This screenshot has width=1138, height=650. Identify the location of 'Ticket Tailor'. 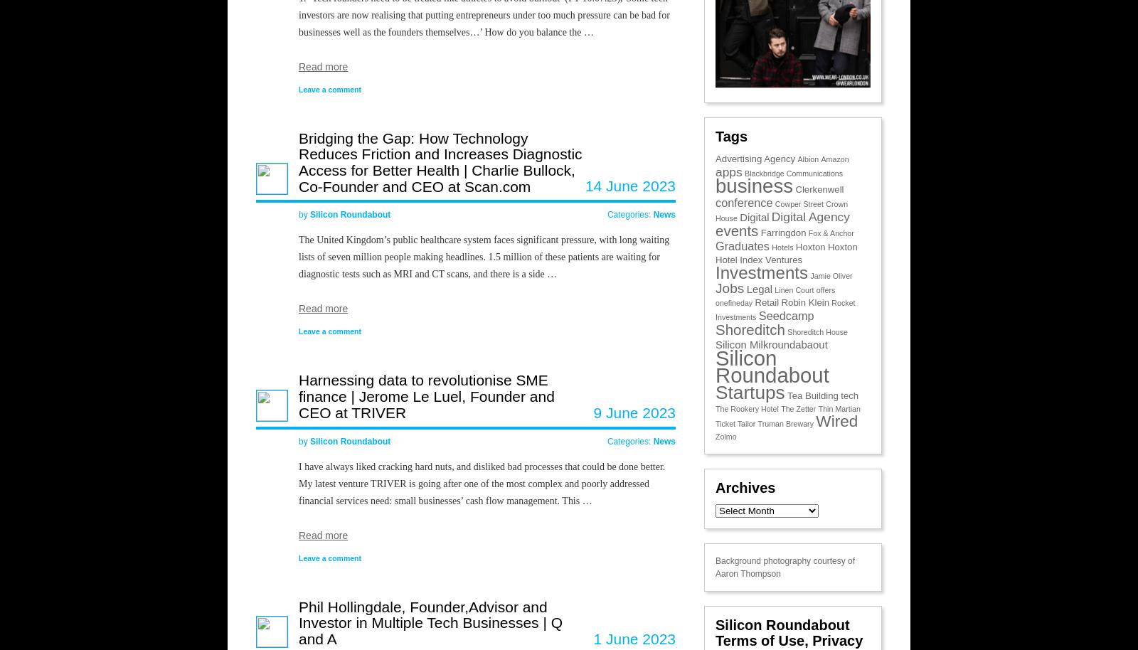
(735, 422).